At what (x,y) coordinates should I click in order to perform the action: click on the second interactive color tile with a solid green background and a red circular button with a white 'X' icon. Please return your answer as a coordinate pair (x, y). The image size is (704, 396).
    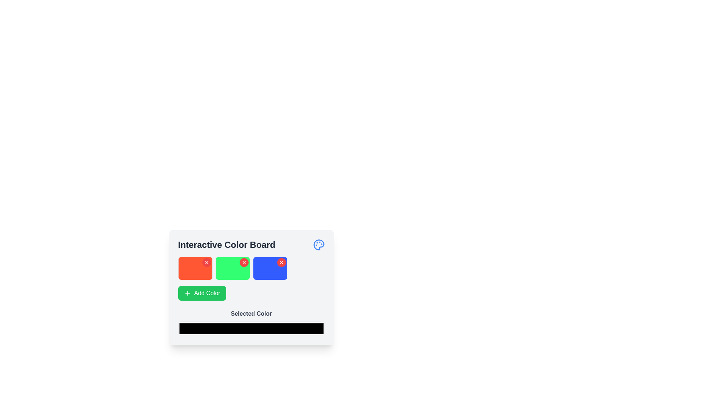
    Looking at the image, I should click on (232, 268).